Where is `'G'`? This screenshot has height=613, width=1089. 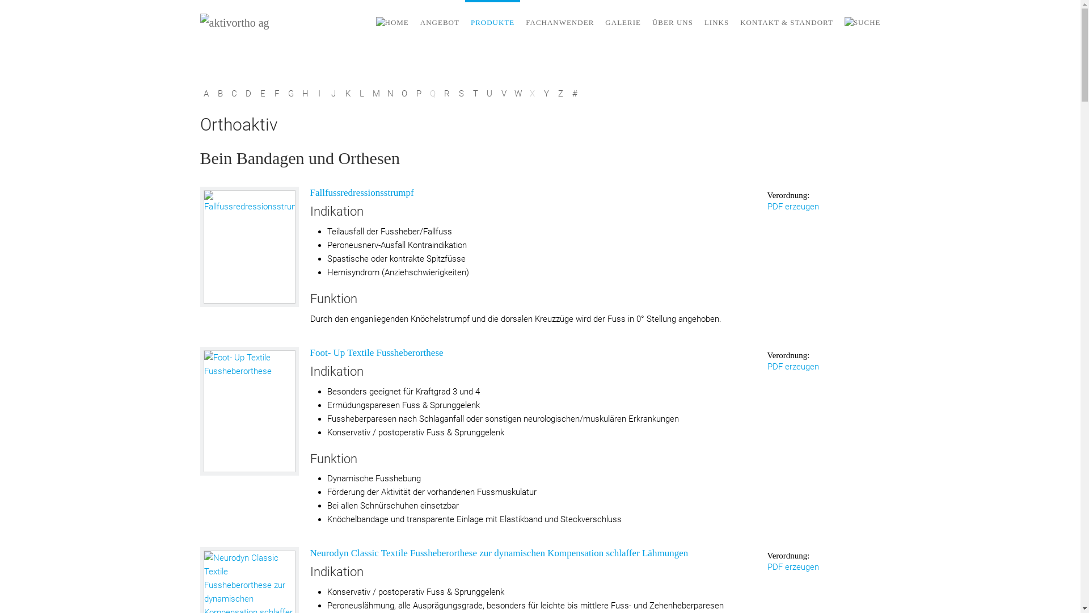
'G' is located at coordinates (290, 93).